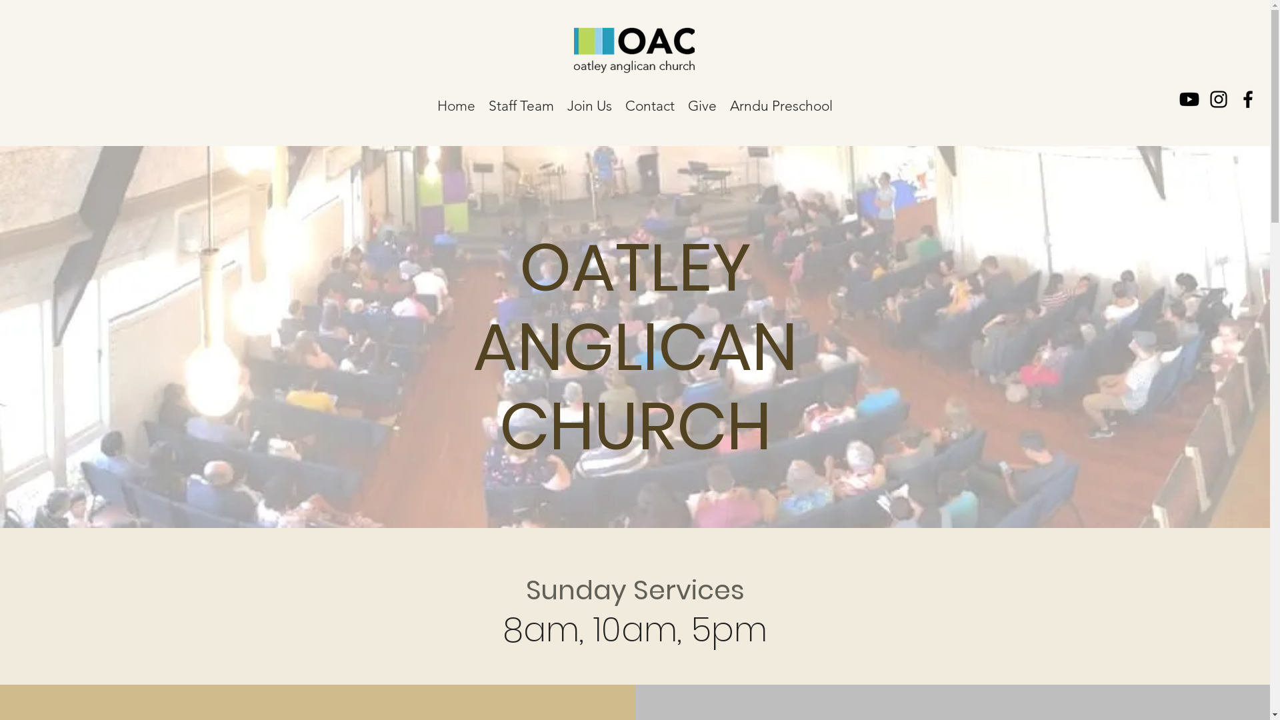 This screenshot has width=1280, height=720. Describe the element at coordinates (456, 102) in the screenshot. I see `'Home'` at that location.